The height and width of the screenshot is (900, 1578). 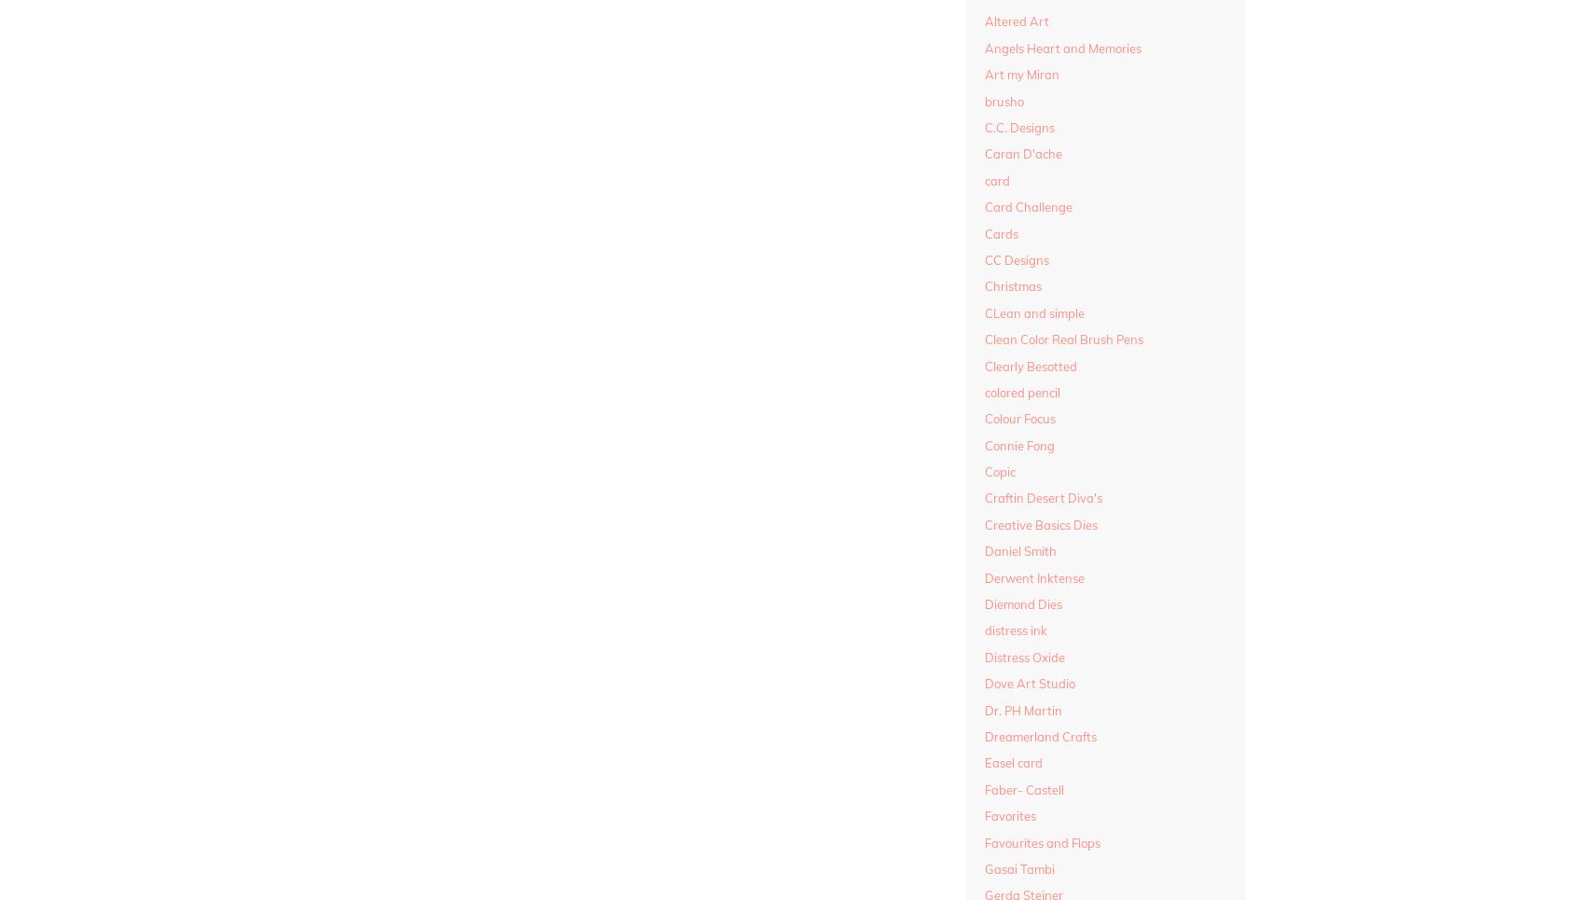 What do you see at coordinates (1018, 868) in the screenshot?
I see `'Gasai Tambi'` at bounding box center [1018, 868].